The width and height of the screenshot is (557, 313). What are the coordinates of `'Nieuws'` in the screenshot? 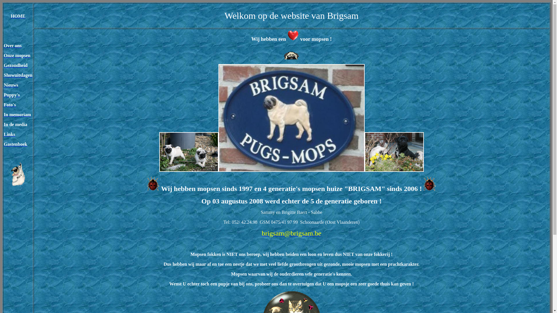 It's located at (11, 85).